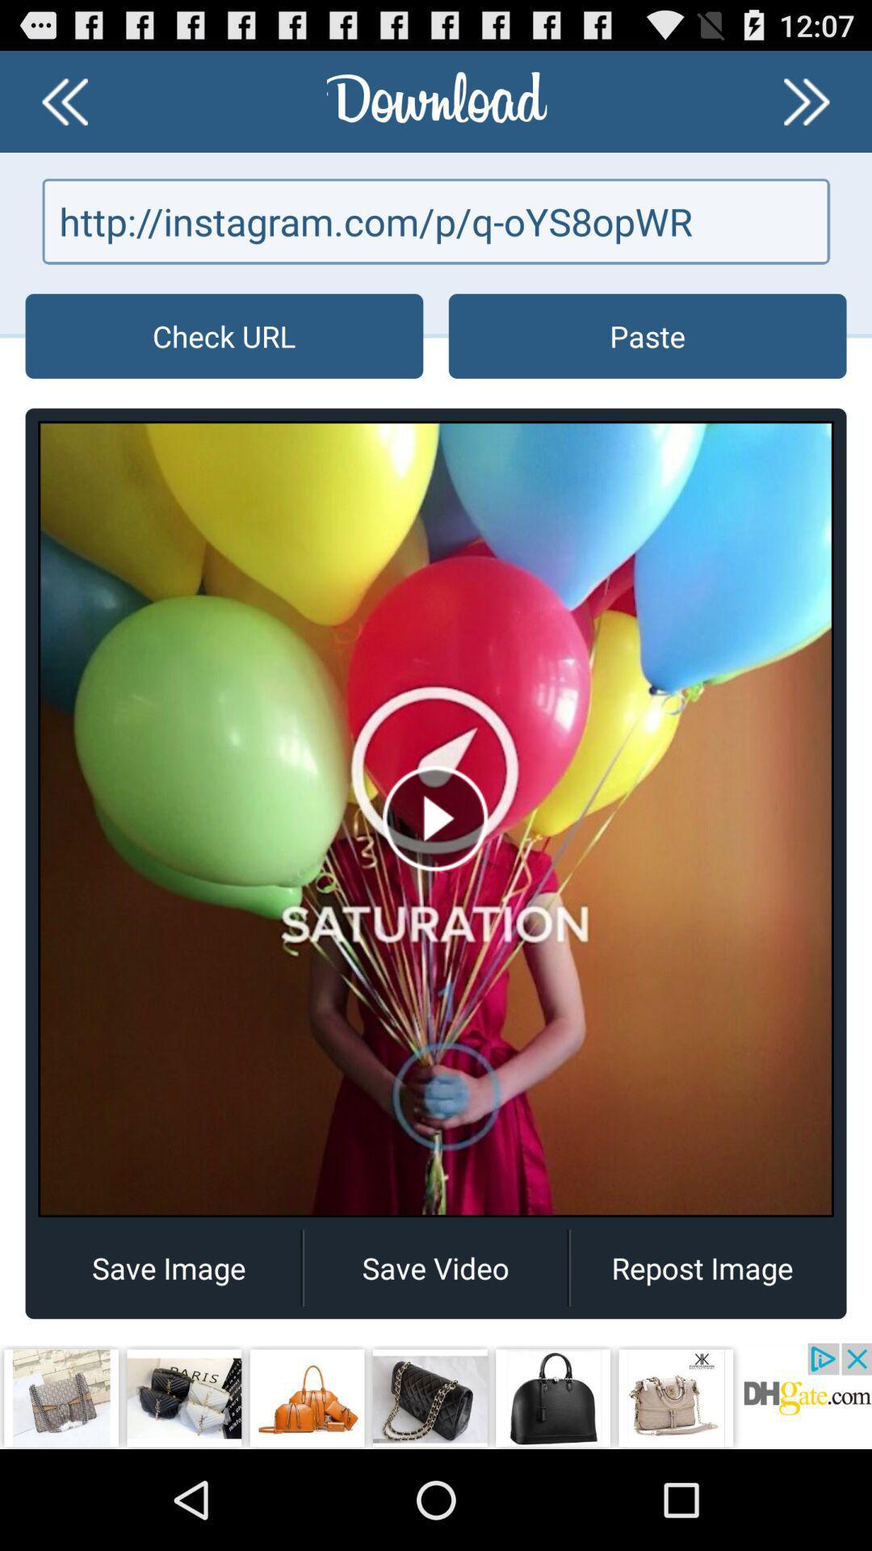  I want to click on the av_forward icon, so click(807, 107).